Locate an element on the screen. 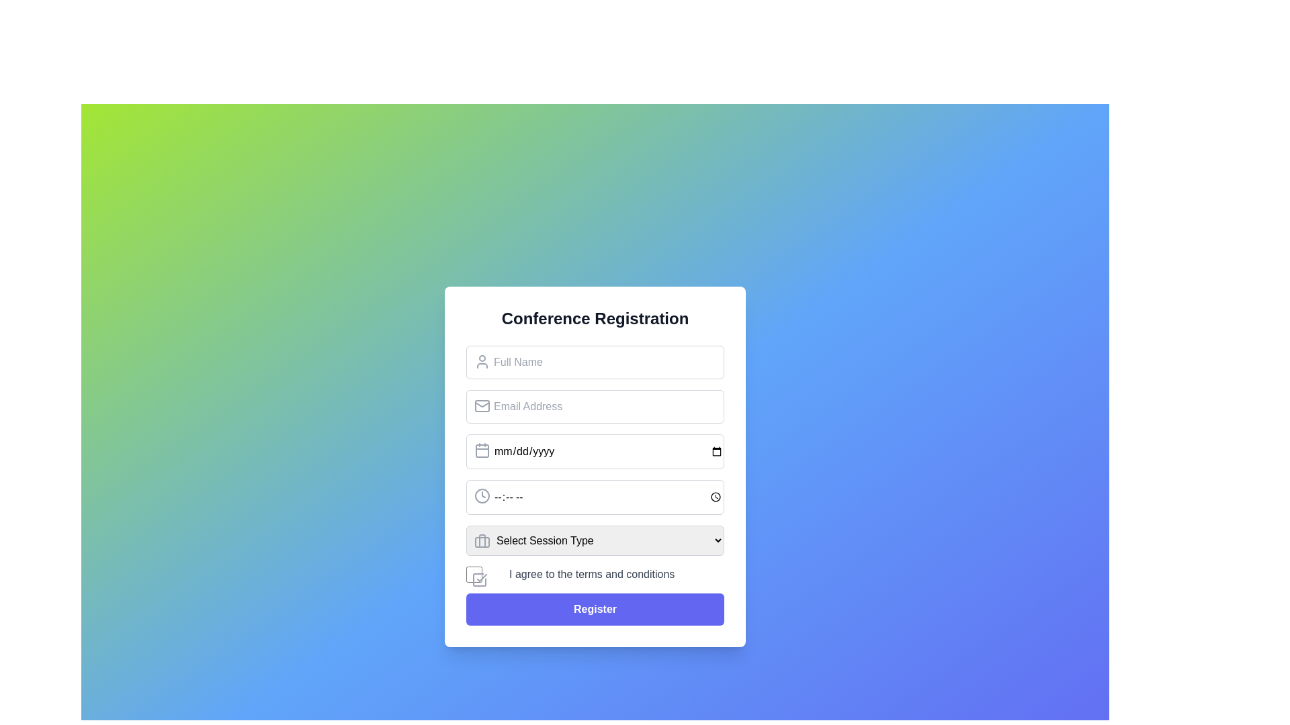 The height and width of the screenshot is (725, 1290). the circular outline of the clock icon located within the time selection field in the registration form, which is positioned to the left of the '--:-- --' placeholder is located at coordinates (482, 495).